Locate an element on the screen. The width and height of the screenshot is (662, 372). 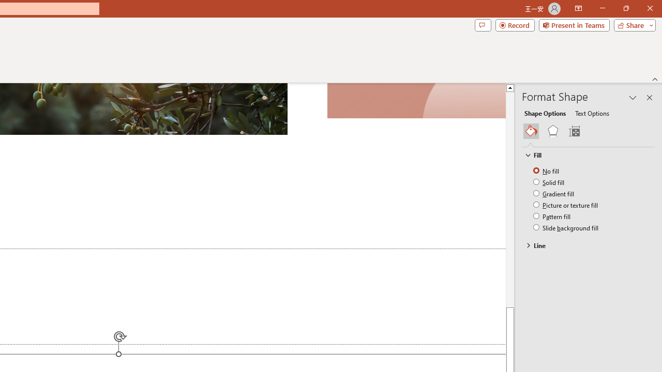
'Class: NetUIGalleryContainer' is located at coordinates (589, 131).